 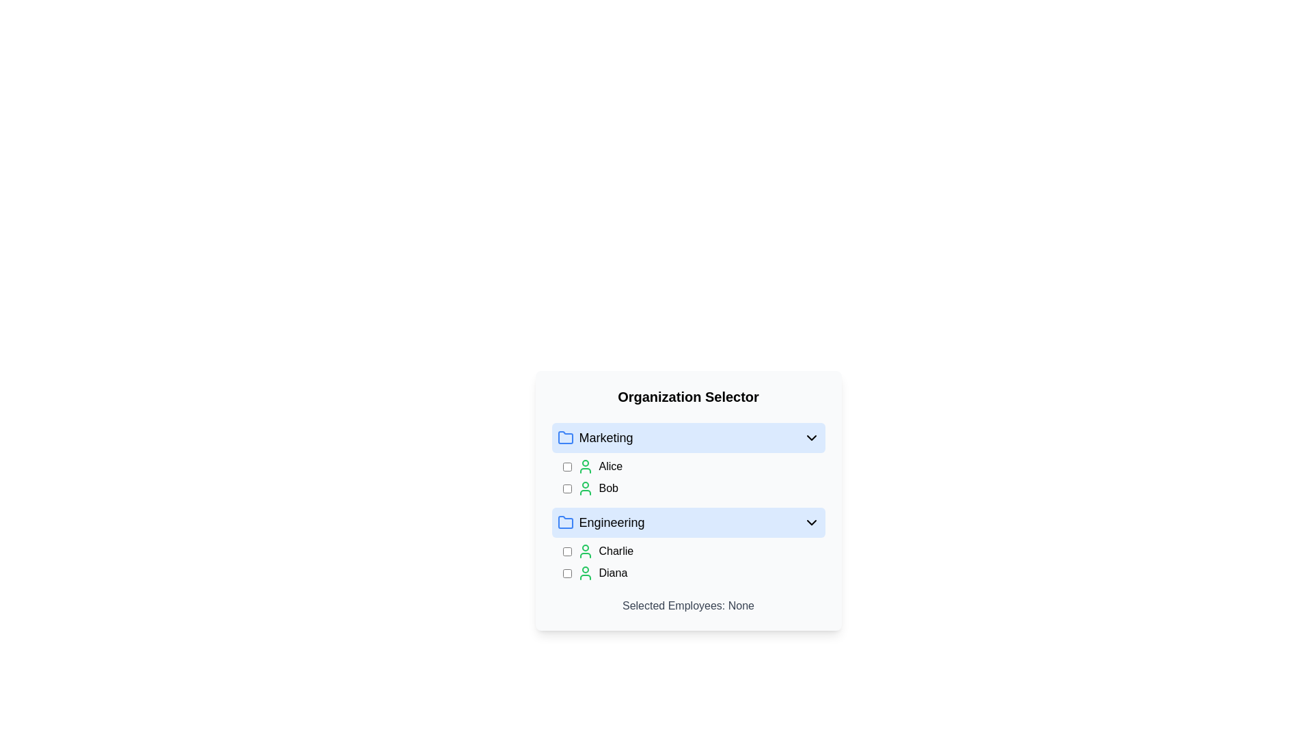 I want to click on the checkbox to the left of the text 'Diana' in the 'Engineering' section to check or uncheck it, so click(x=567, y=573).